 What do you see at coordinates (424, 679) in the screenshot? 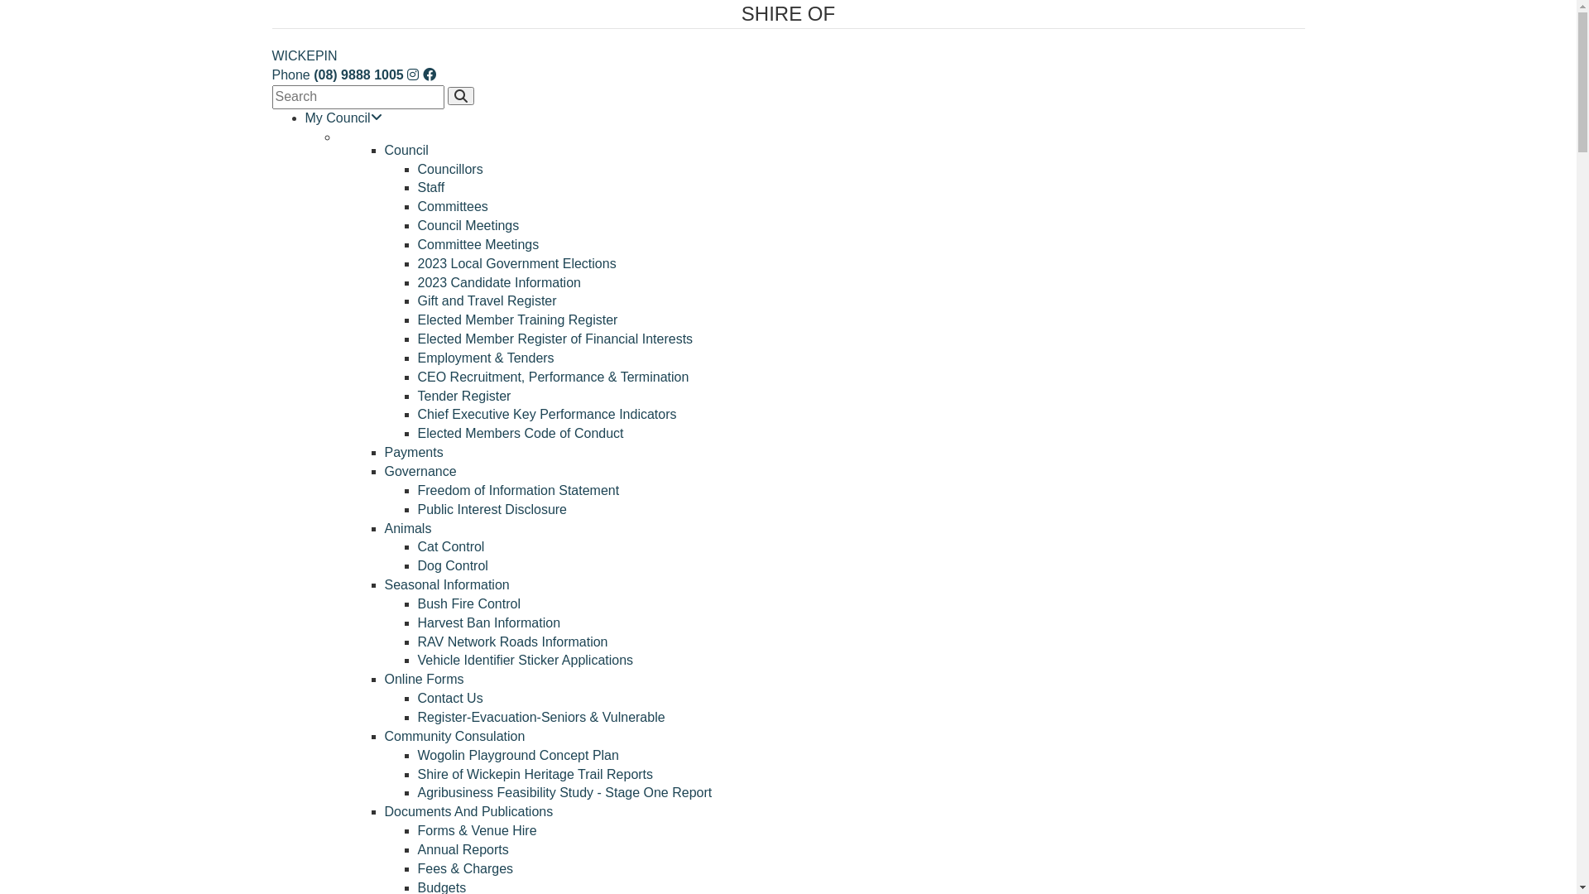
I see `'Online Forms'` at bounding box center [424, 679].